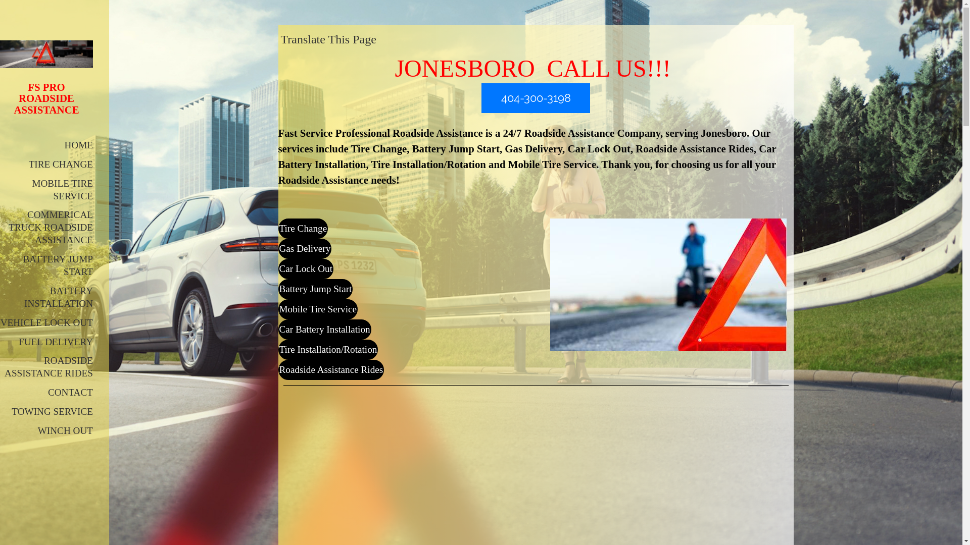 Image resolution: width=970 pixels, height=545 pixels. Describe the element at coordinates (46, 322) in the screenshot. I see `'VEHICLE LOCK OUT'` at that location.